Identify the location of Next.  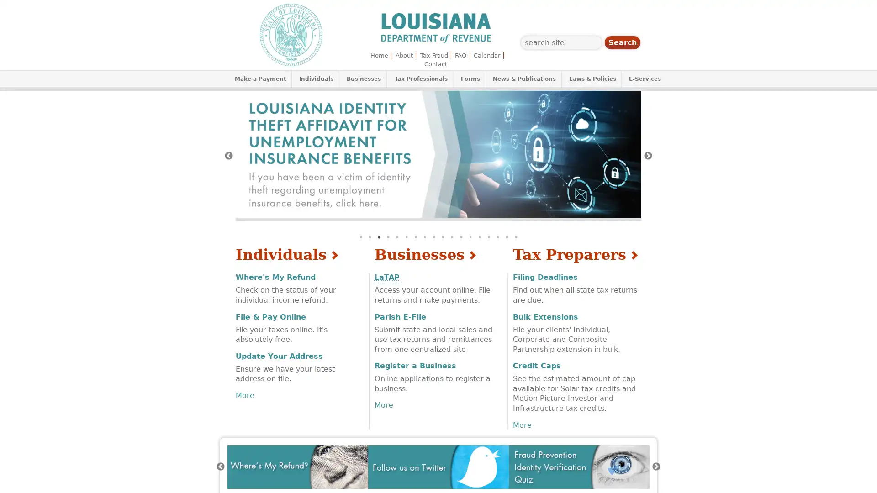
(655, 467).